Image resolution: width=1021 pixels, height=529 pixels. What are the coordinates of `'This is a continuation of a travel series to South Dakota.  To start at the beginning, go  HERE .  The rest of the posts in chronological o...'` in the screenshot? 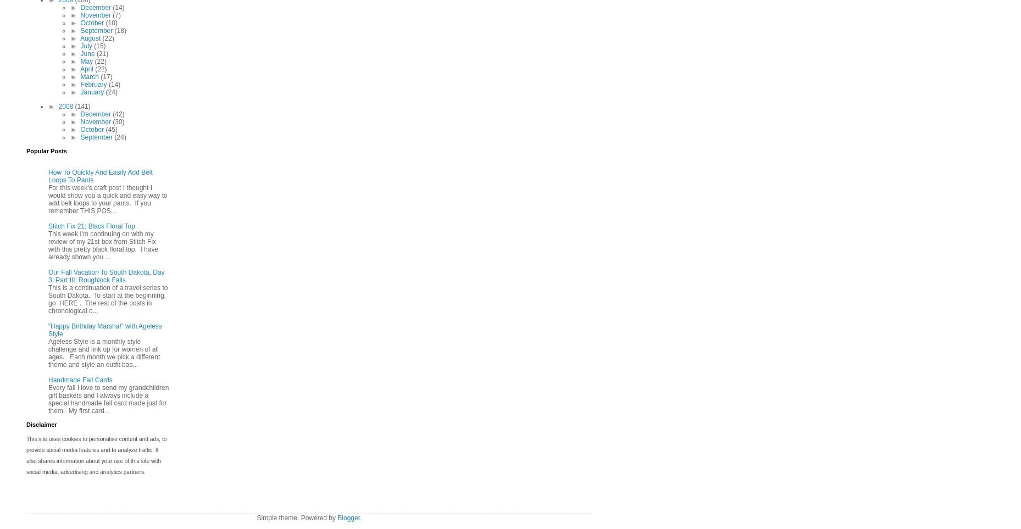 It's located at (107, 298).